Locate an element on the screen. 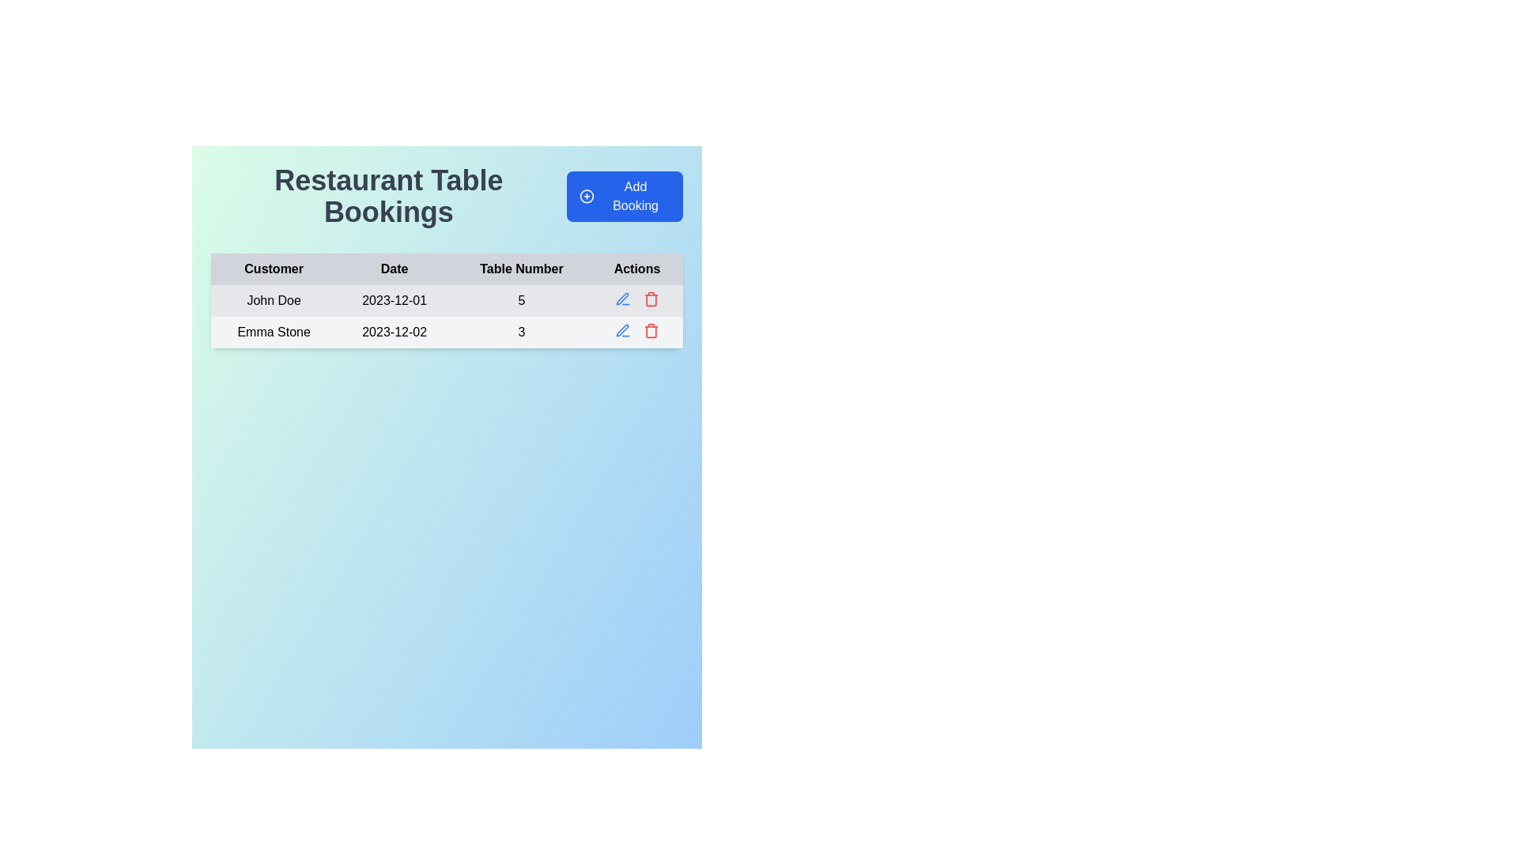 This screenshot has height=853, width=1518. the 'Table Number' header label in the table, which is positioned between the 'Date' and 'Actions' headers is located at coordinates (521, 268).